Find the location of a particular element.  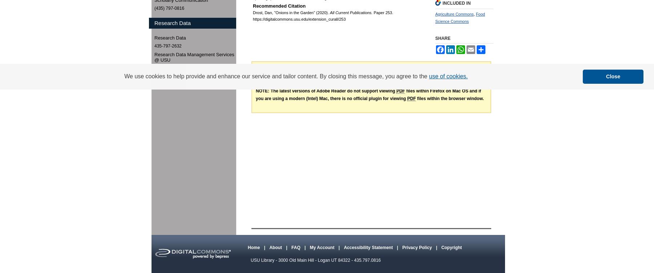

'(435) 797-0816' is located at coordinates (169, 8).